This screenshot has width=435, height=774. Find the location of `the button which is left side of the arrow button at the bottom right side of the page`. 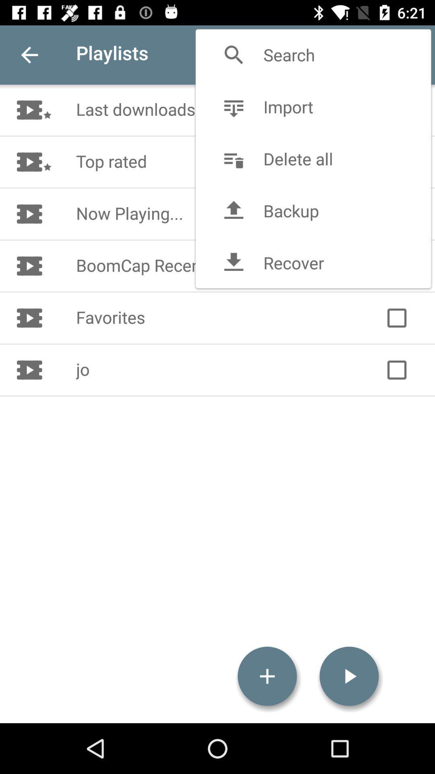

the button which is left side of the arrow button at the bottom right side of the page is located at coordinates (267, 676).